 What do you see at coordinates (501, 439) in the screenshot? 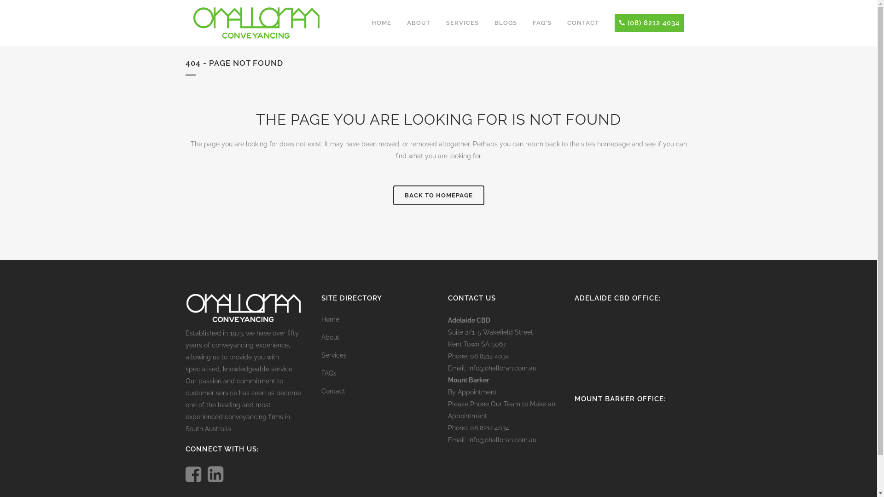
I see `'info@ohalloran.com.au'` at bounding box center [501, 439].